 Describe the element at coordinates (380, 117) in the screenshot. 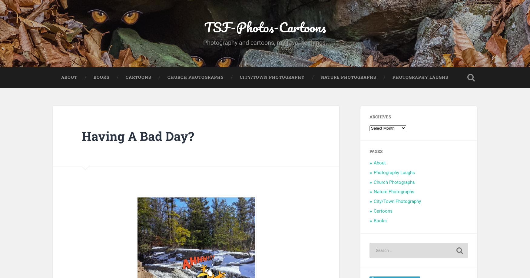

I see `'Archives'` at that location.